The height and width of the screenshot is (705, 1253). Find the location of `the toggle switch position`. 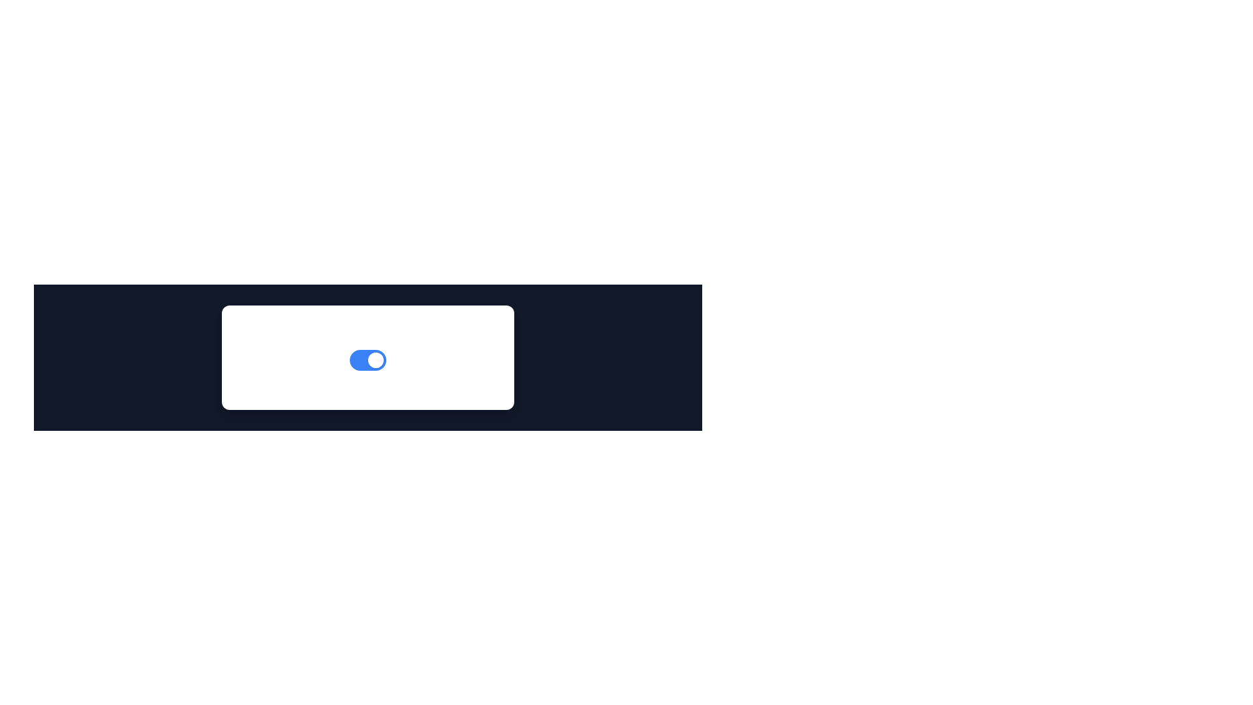

the toggle switch position is located at coordinates (351, 360).